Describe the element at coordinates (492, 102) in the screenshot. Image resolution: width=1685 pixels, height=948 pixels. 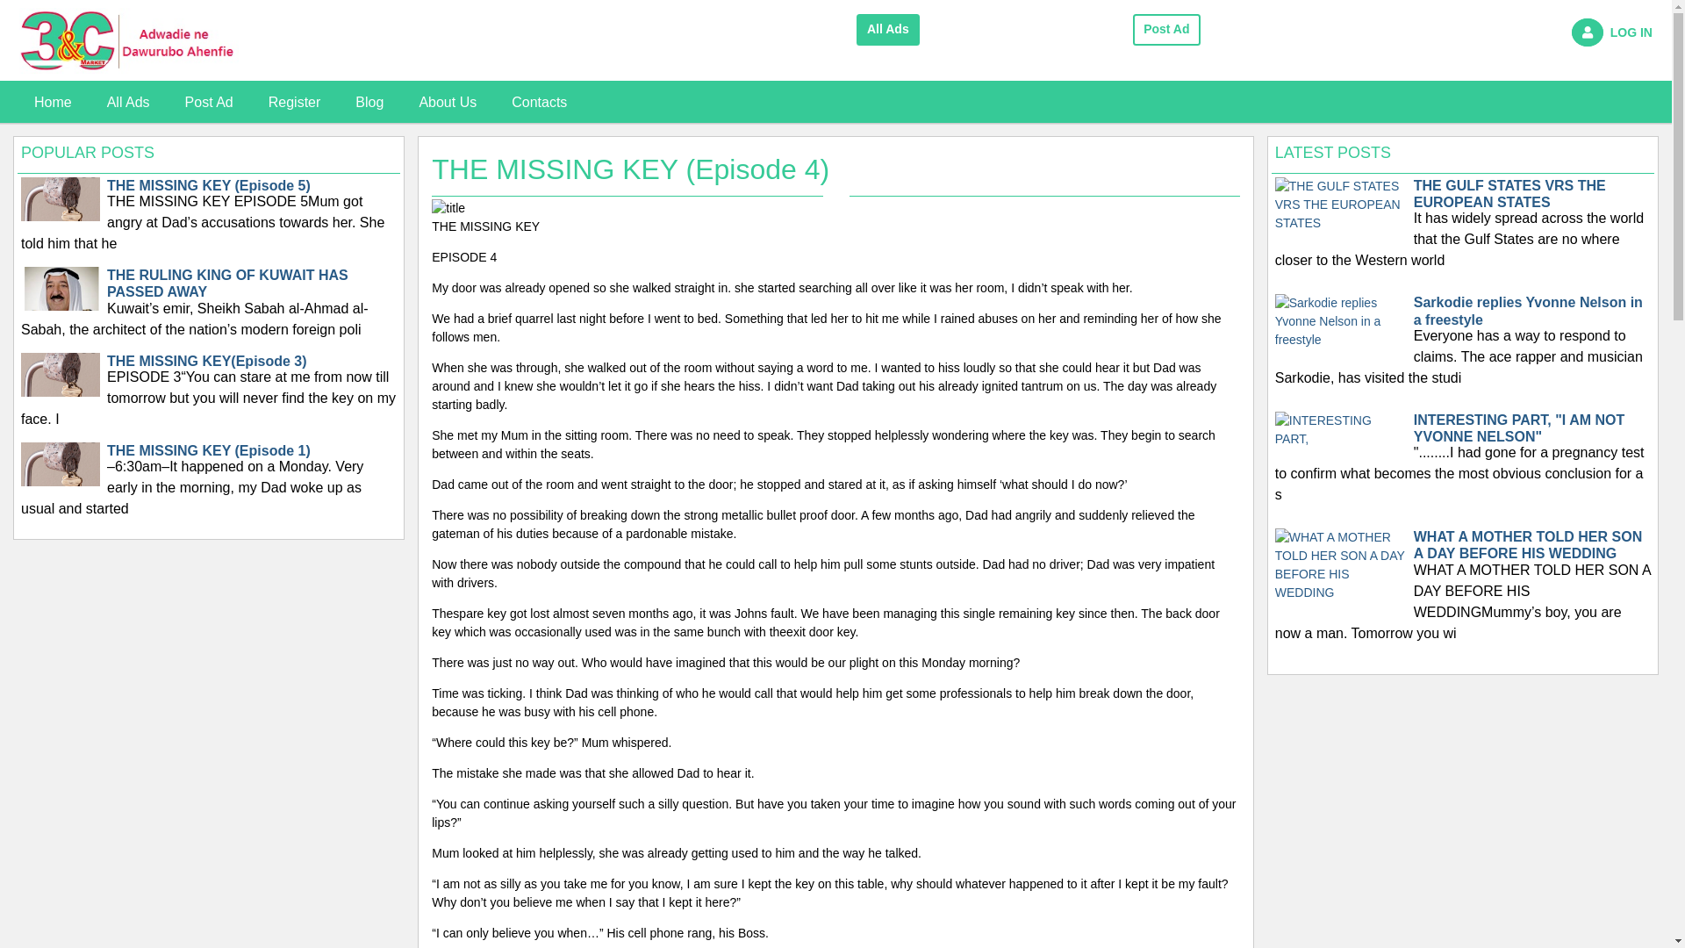
I see `'Contacts'` at that location.